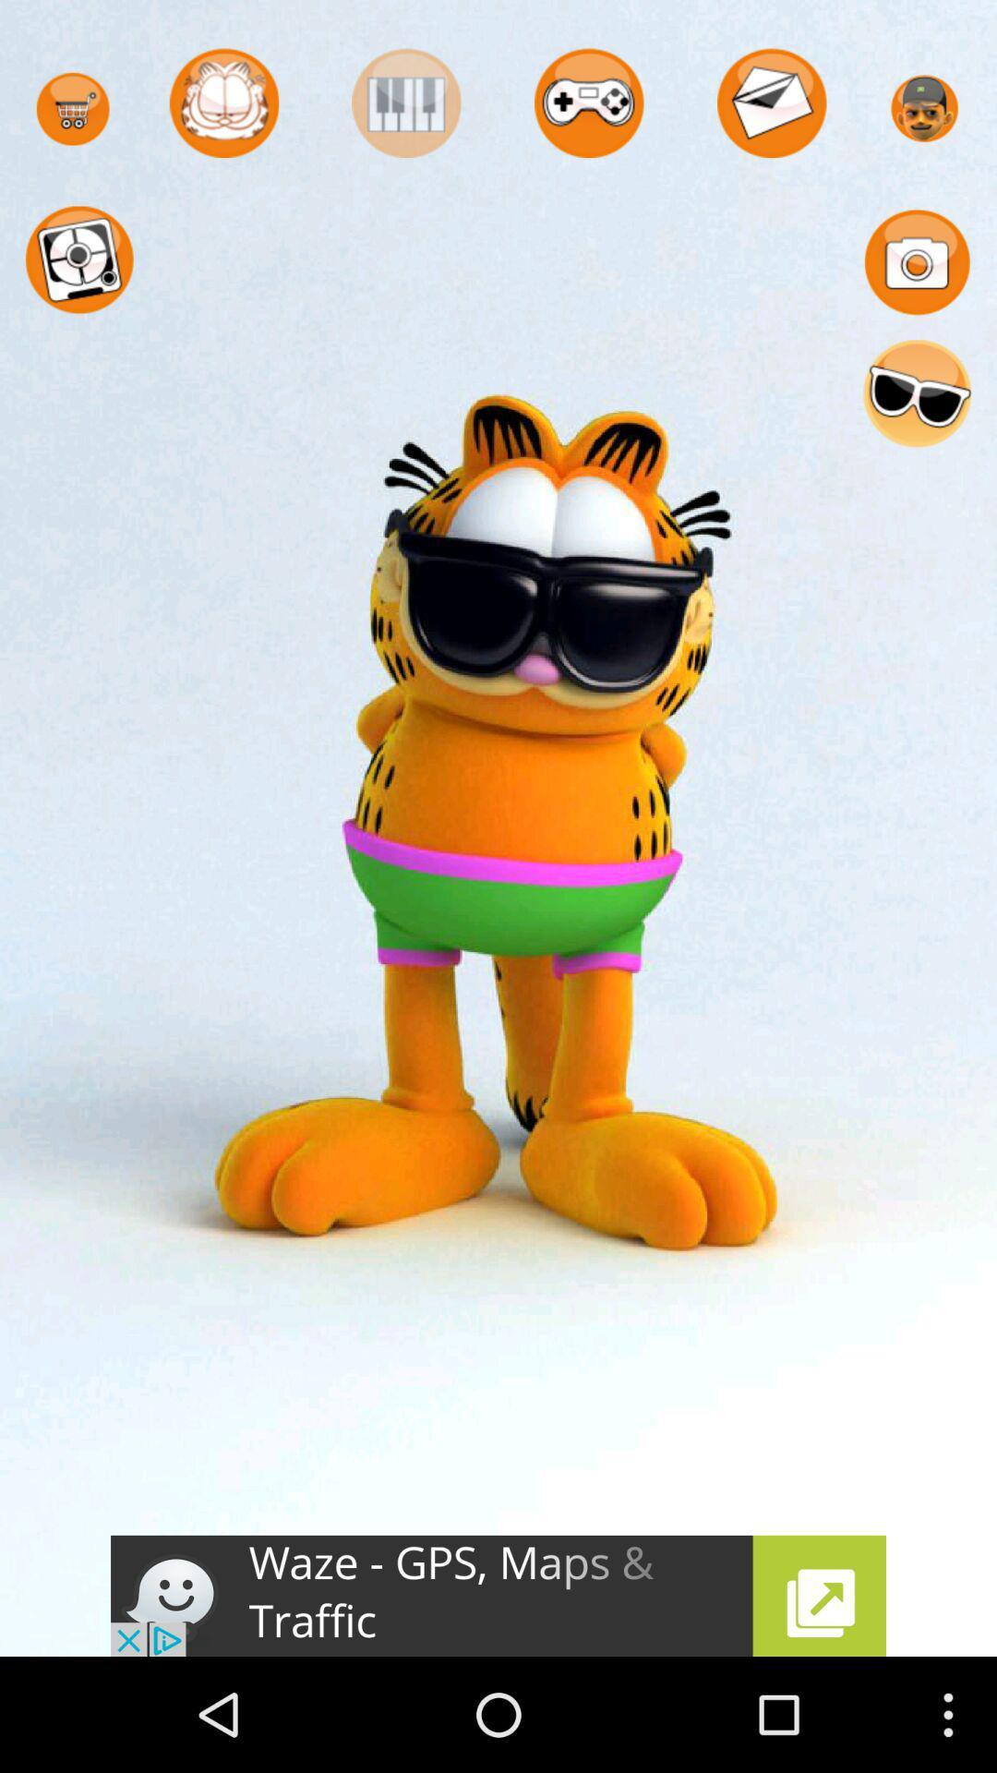  Describe the element at coordinates (917, 421) in the screenshot. I see `the emoji icon` at that location.